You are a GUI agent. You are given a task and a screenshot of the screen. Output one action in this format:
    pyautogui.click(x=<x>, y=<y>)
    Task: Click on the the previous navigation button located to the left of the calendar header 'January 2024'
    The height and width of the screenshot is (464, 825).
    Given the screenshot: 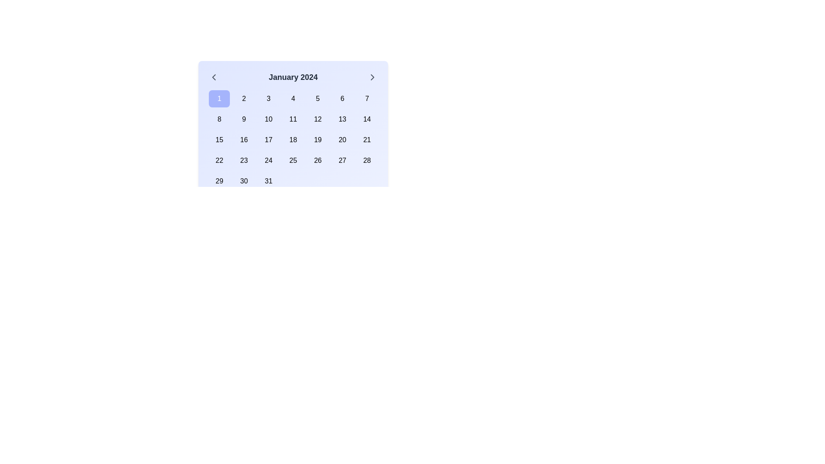 What is the action you would take?
    pyautogui.click(x=214, y=77)
    